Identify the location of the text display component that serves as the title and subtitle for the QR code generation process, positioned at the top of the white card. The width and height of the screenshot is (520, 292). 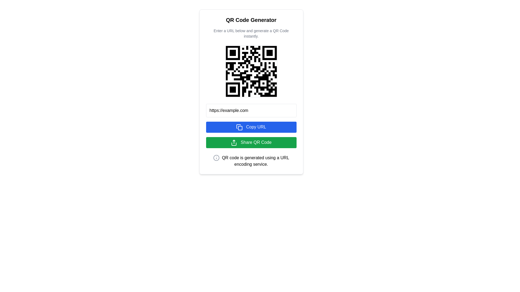
(251, 27).